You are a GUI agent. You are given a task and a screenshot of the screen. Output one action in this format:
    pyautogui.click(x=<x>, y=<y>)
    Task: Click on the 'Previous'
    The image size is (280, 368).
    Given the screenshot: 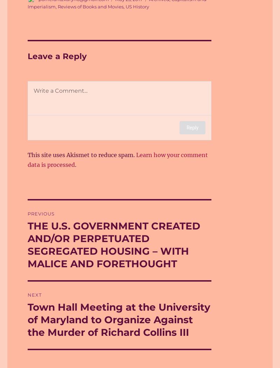 What is the action you would take?
    pyautogui.click(x=41, y=213)
    